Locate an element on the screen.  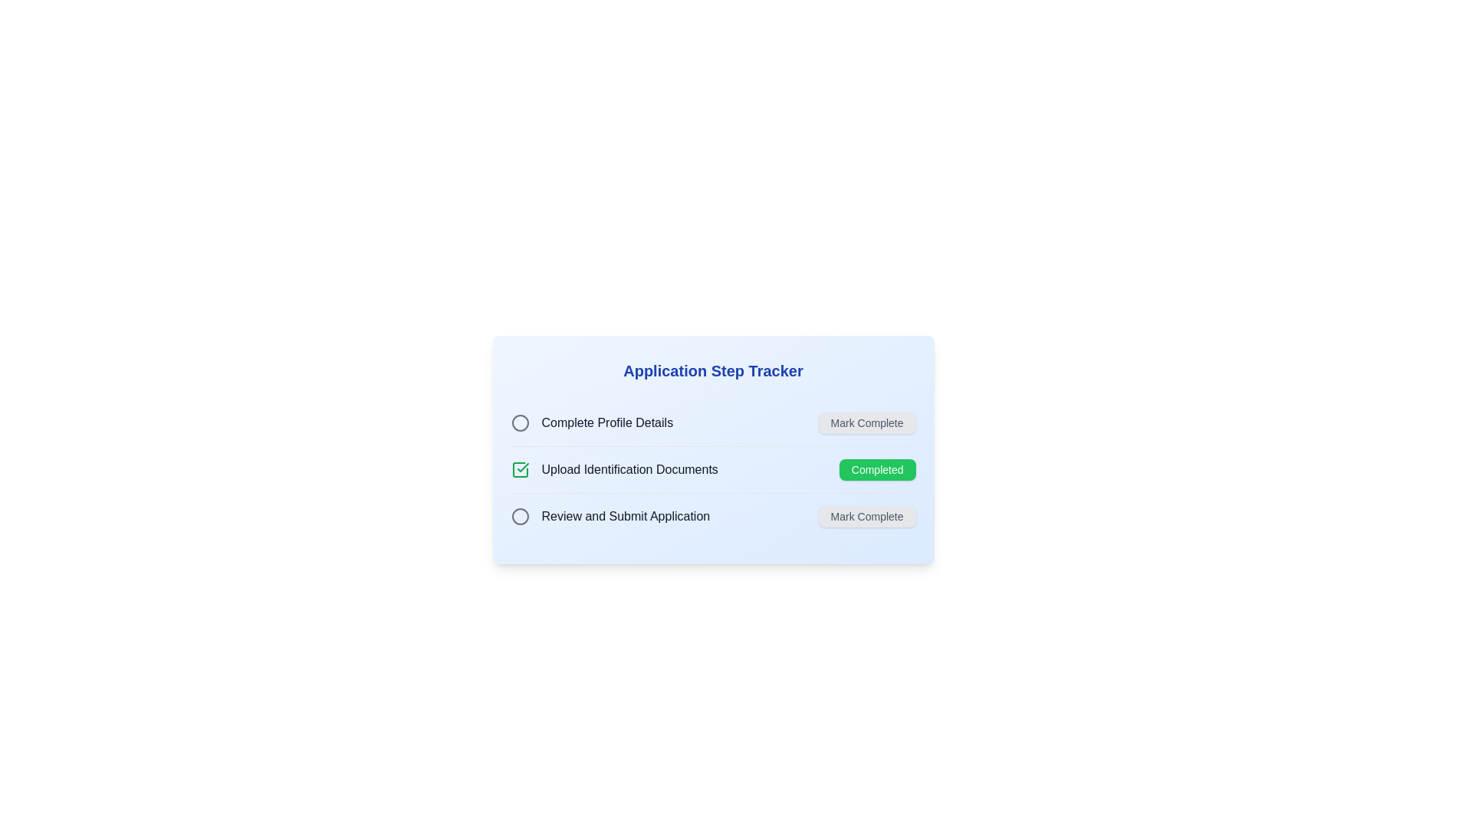
the rectangular icon or status indicator associated with 'Upload Identification Documents', which is positioned next to a green checkmark and is part of the layout for 'Complete Profile Details' is located at coordinates (520, 469).